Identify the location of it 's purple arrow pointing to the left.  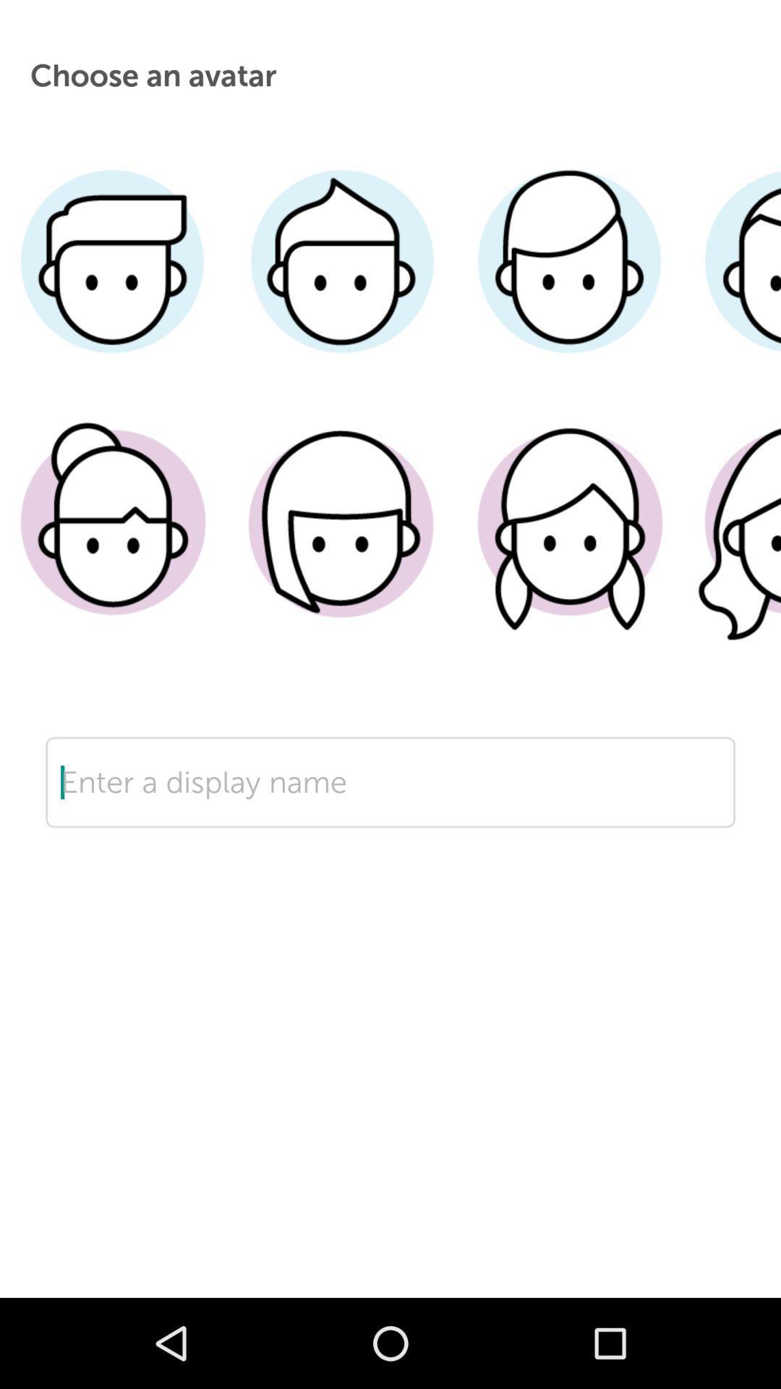
(390, 828).